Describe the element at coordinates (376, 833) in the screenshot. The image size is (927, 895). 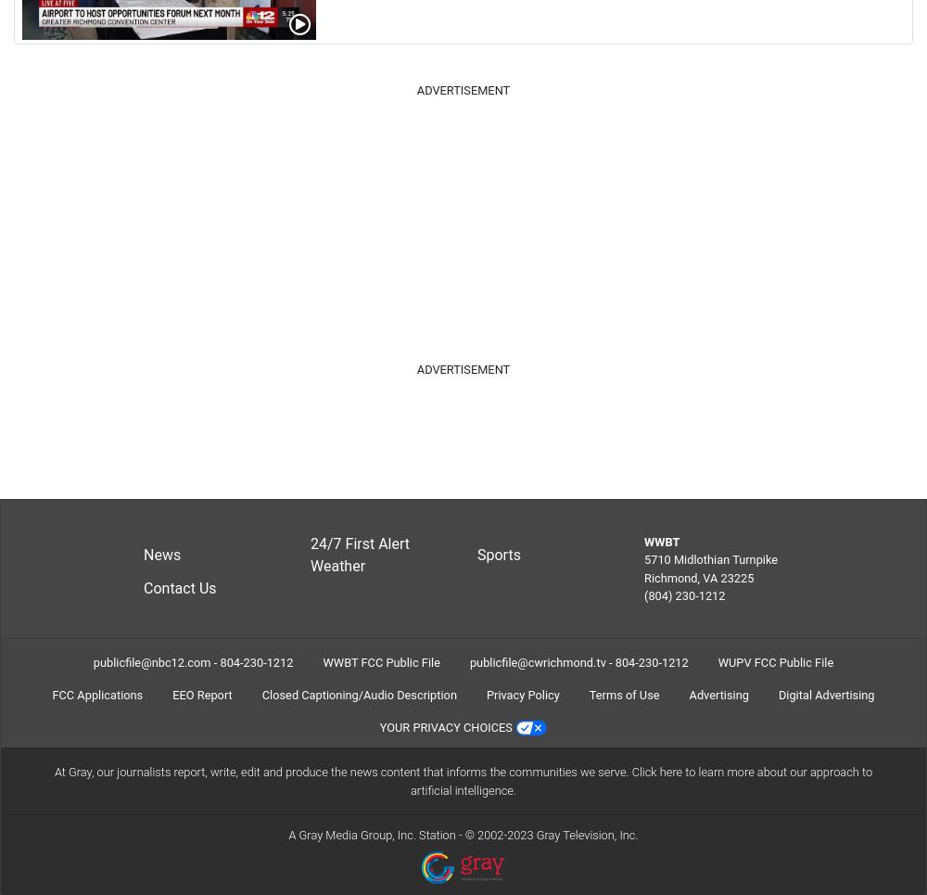
I see `'A Gray Media Group, Inc. Station -'` at that location.